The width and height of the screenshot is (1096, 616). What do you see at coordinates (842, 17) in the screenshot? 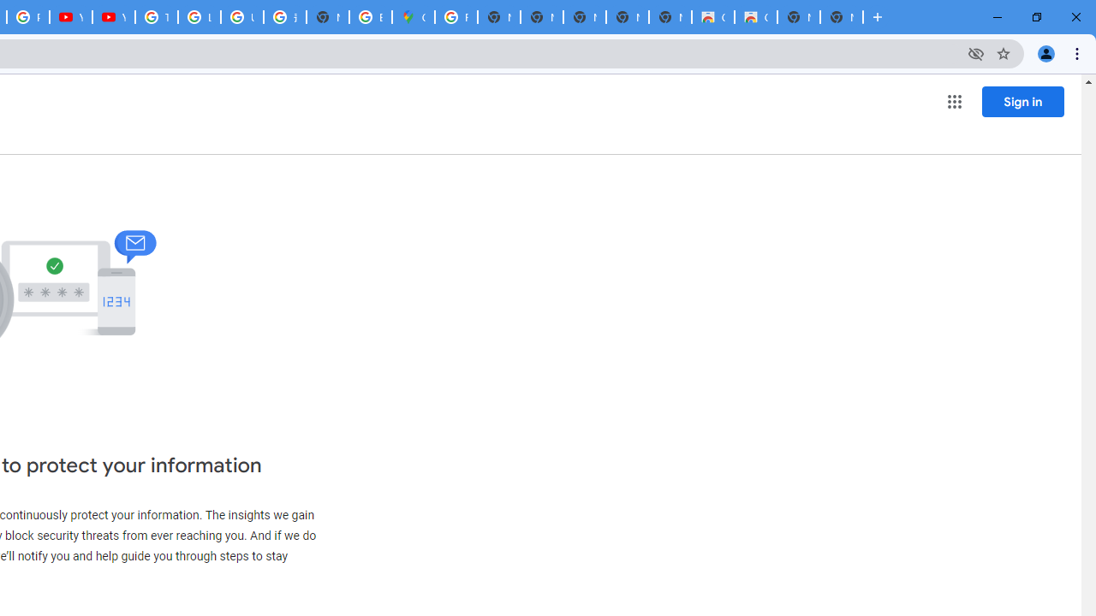
I see `'New Tab'` at bounding box center [842, 17].